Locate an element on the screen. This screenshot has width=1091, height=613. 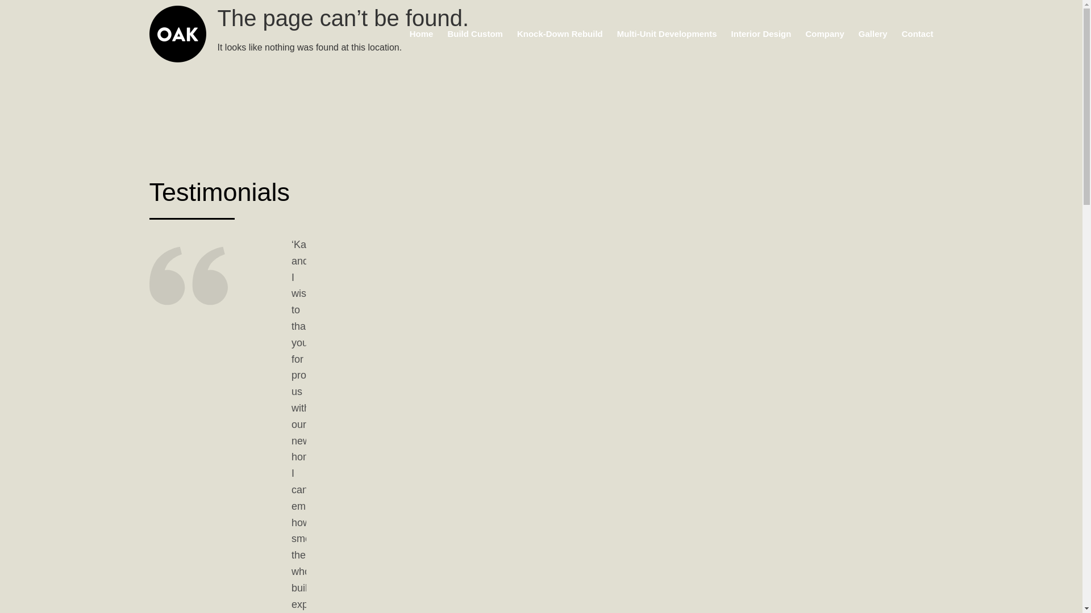
'Home' is located at coordinates (421, 33).